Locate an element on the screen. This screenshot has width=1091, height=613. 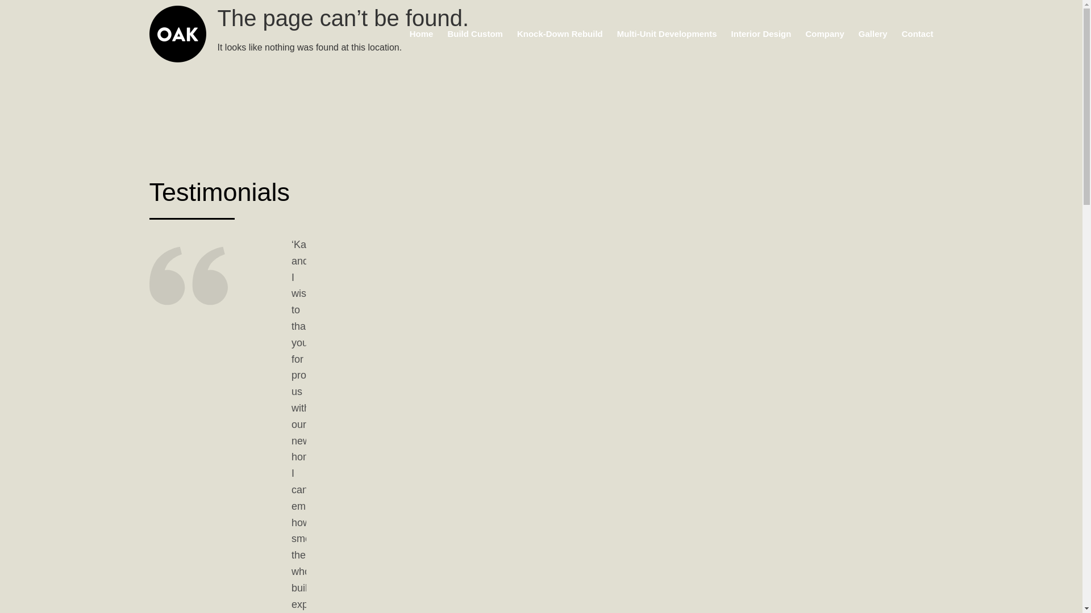
'Home' is located at coordinates (421, 33).